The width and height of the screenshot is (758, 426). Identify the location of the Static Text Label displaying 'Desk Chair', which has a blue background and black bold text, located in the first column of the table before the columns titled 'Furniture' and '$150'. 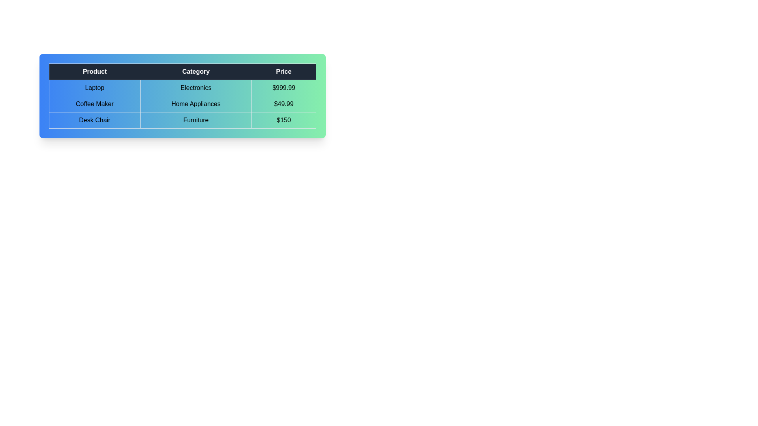
(94, 120).